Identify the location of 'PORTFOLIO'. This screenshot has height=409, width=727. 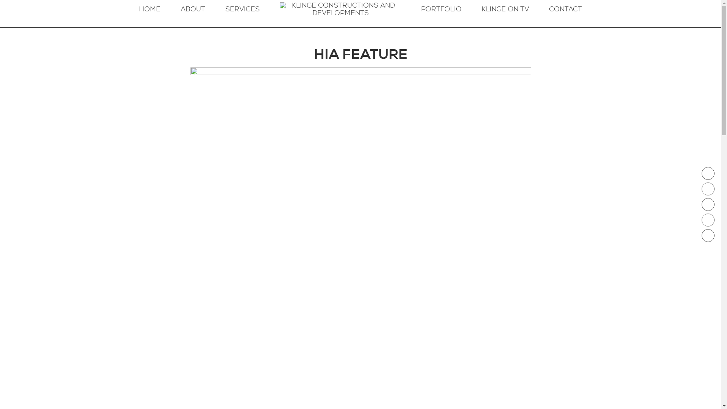
(442, 10).